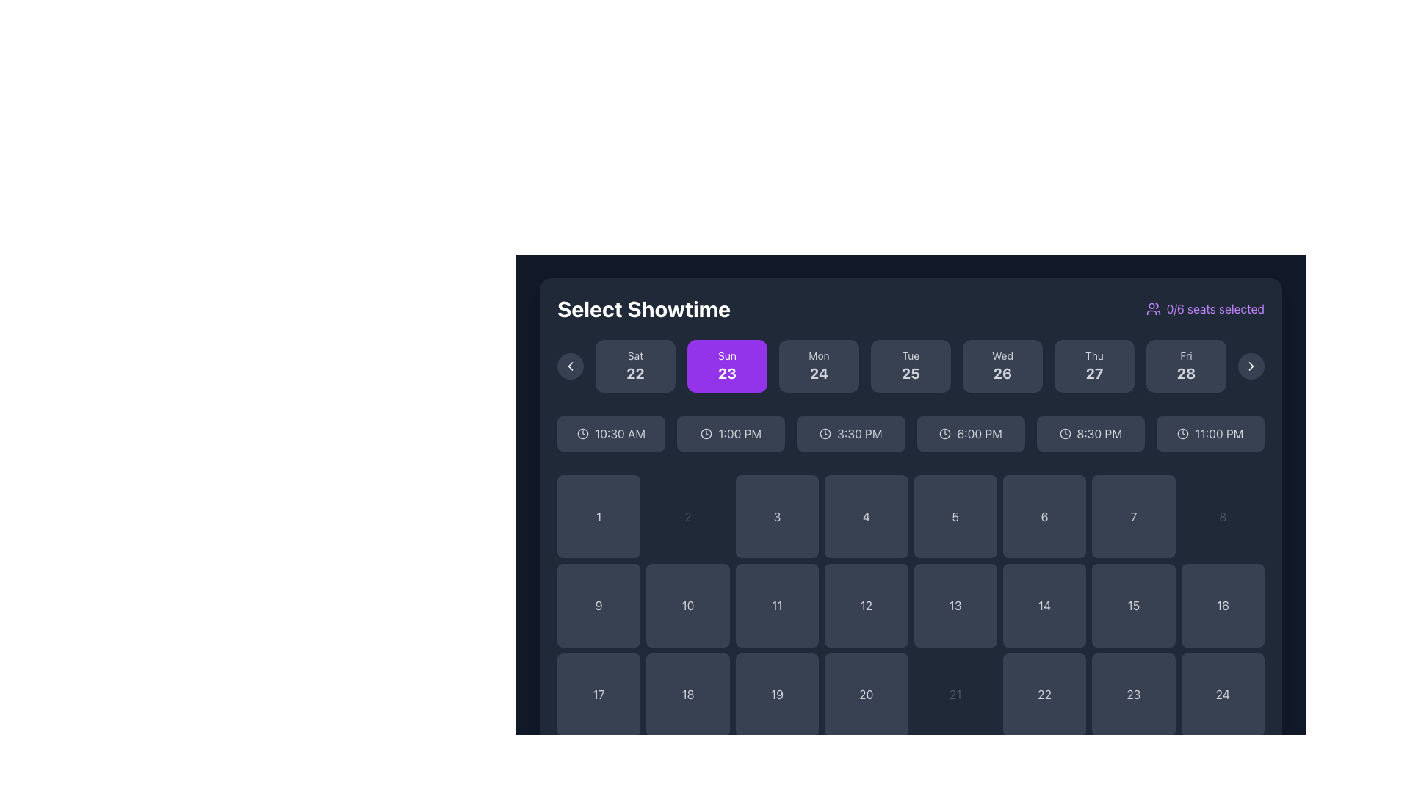 The height and width of the screenshot is (793, 1410). I want to click on the clock icon that indicates the time slot, which is centered horizontally in the second row of time options displaying '3:30 PM', so click(825, 432).